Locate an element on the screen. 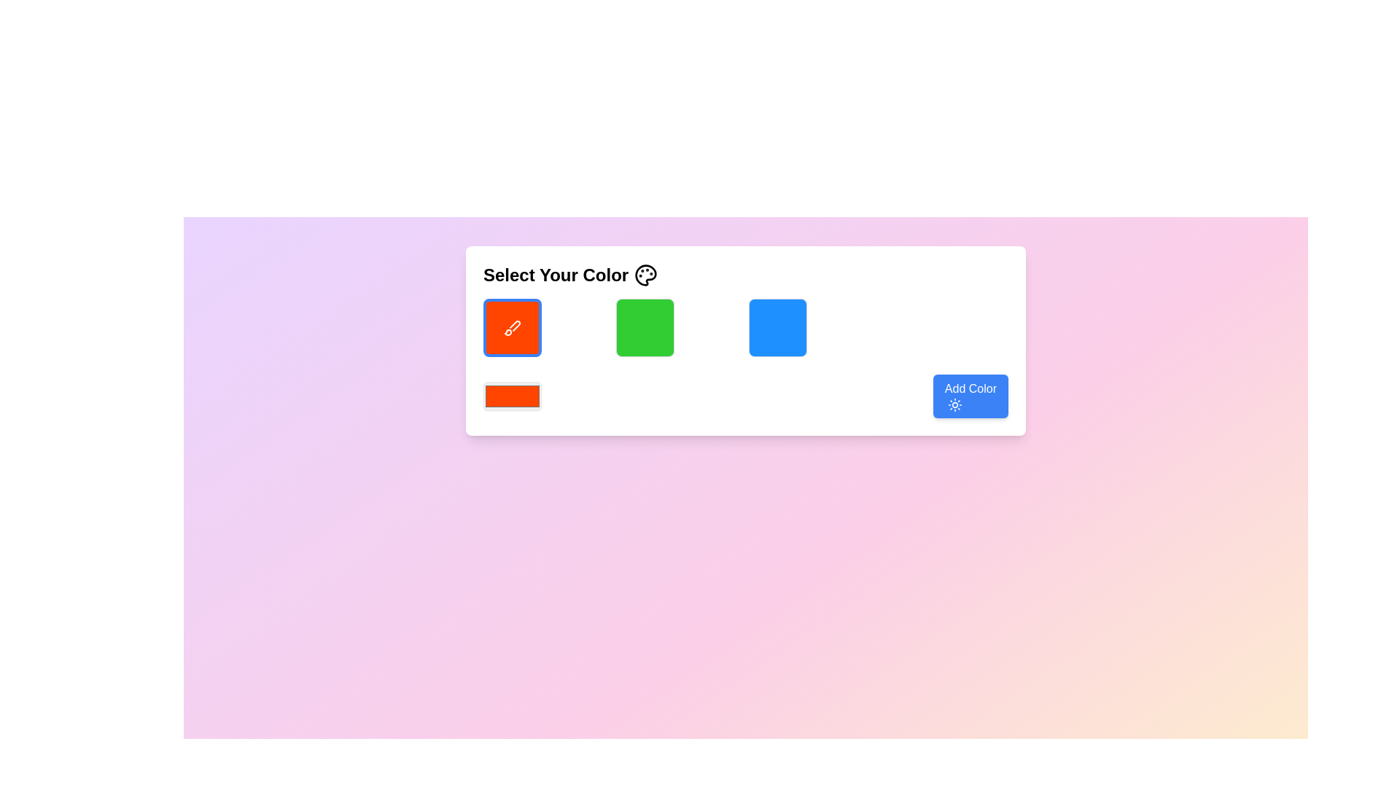  the decorative sun icon located to the left of the 'Add Color' button, which symbolizes brightness and complements the button's functionality is located at coordinates (954, 404).